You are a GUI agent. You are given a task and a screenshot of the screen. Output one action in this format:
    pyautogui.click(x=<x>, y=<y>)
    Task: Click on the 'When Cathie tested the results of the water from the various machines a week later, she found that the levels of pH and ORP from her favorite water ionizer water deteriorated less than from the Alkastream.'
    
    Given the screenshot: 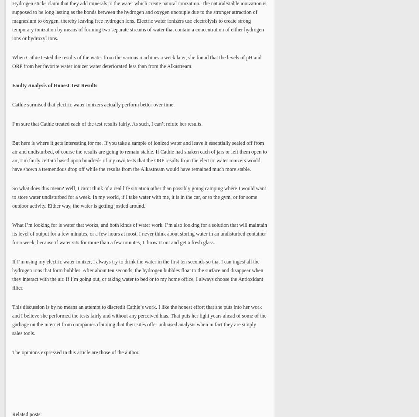 What is the action you would take?
    pyautogui.click(x=137, y=62)
    